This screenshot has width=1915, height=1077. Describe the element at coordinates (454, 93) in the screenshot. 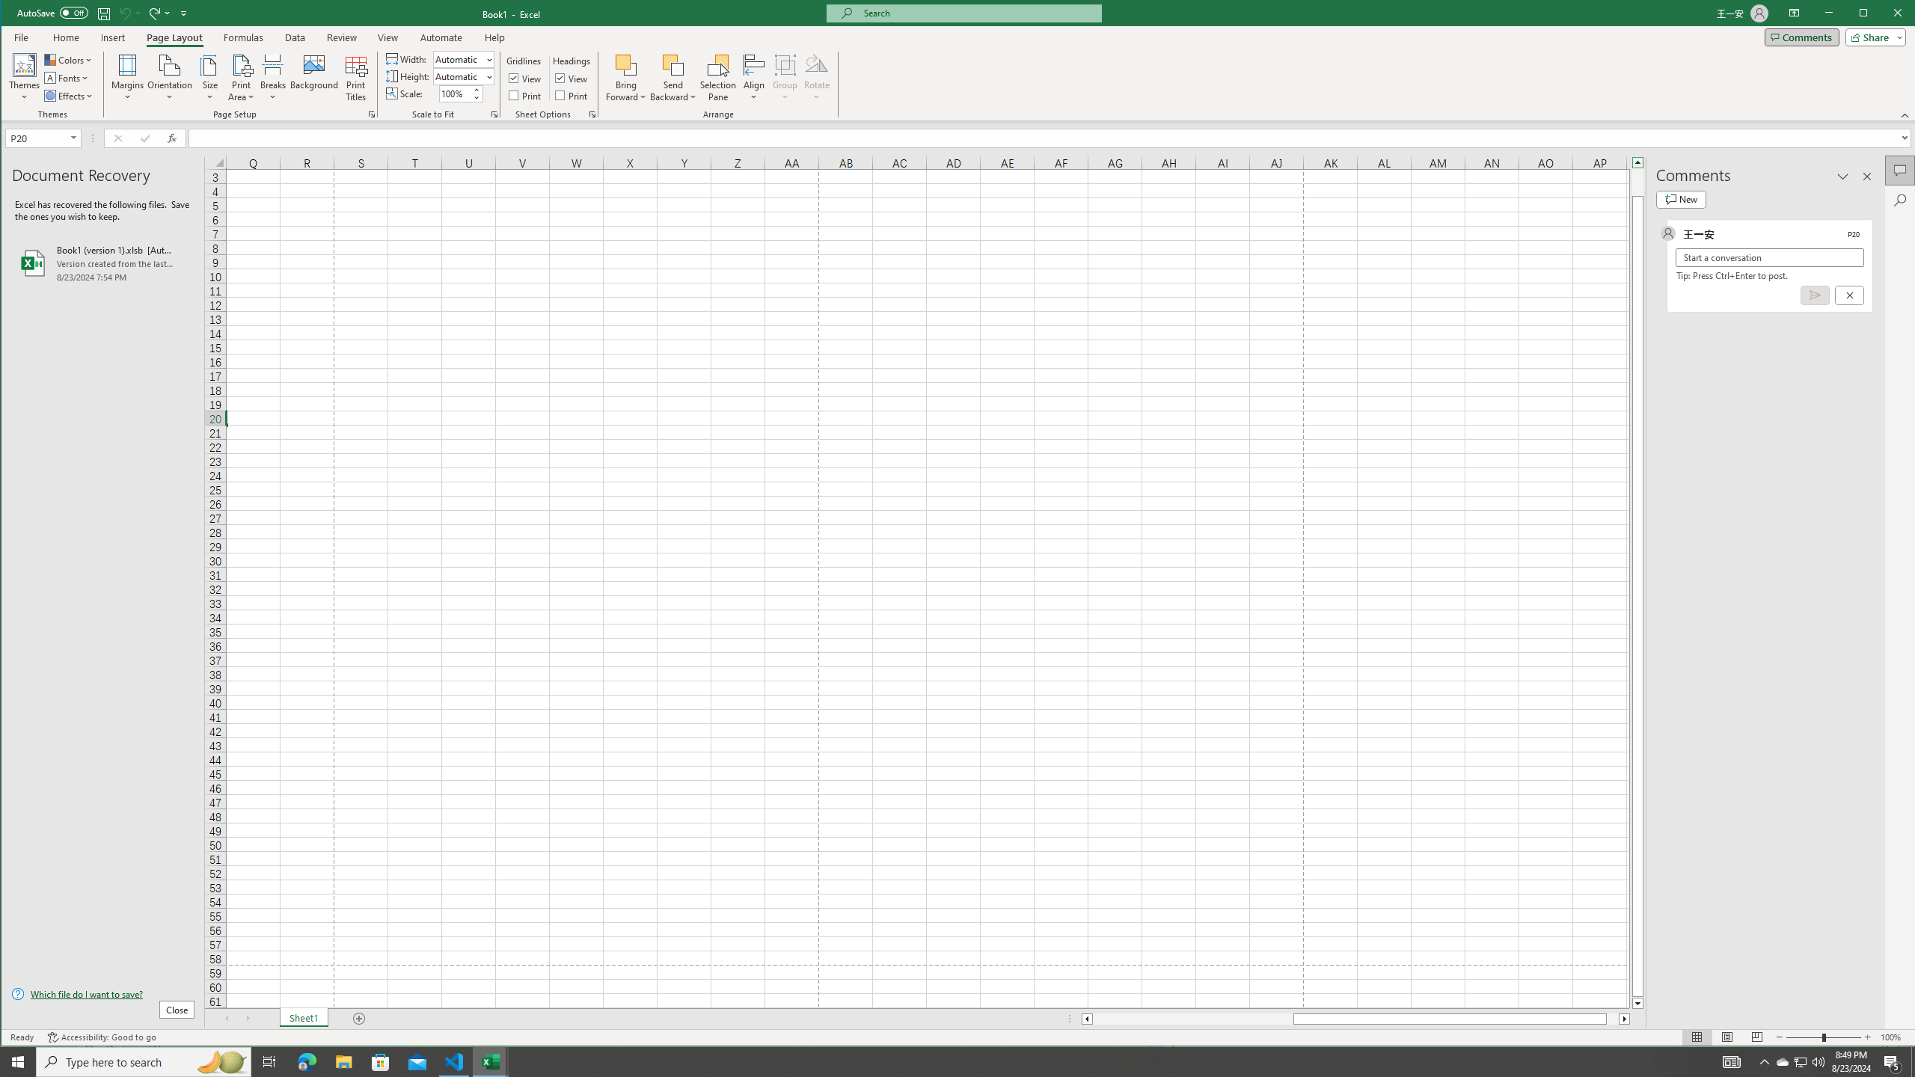

I see `'Scale'` at that location.